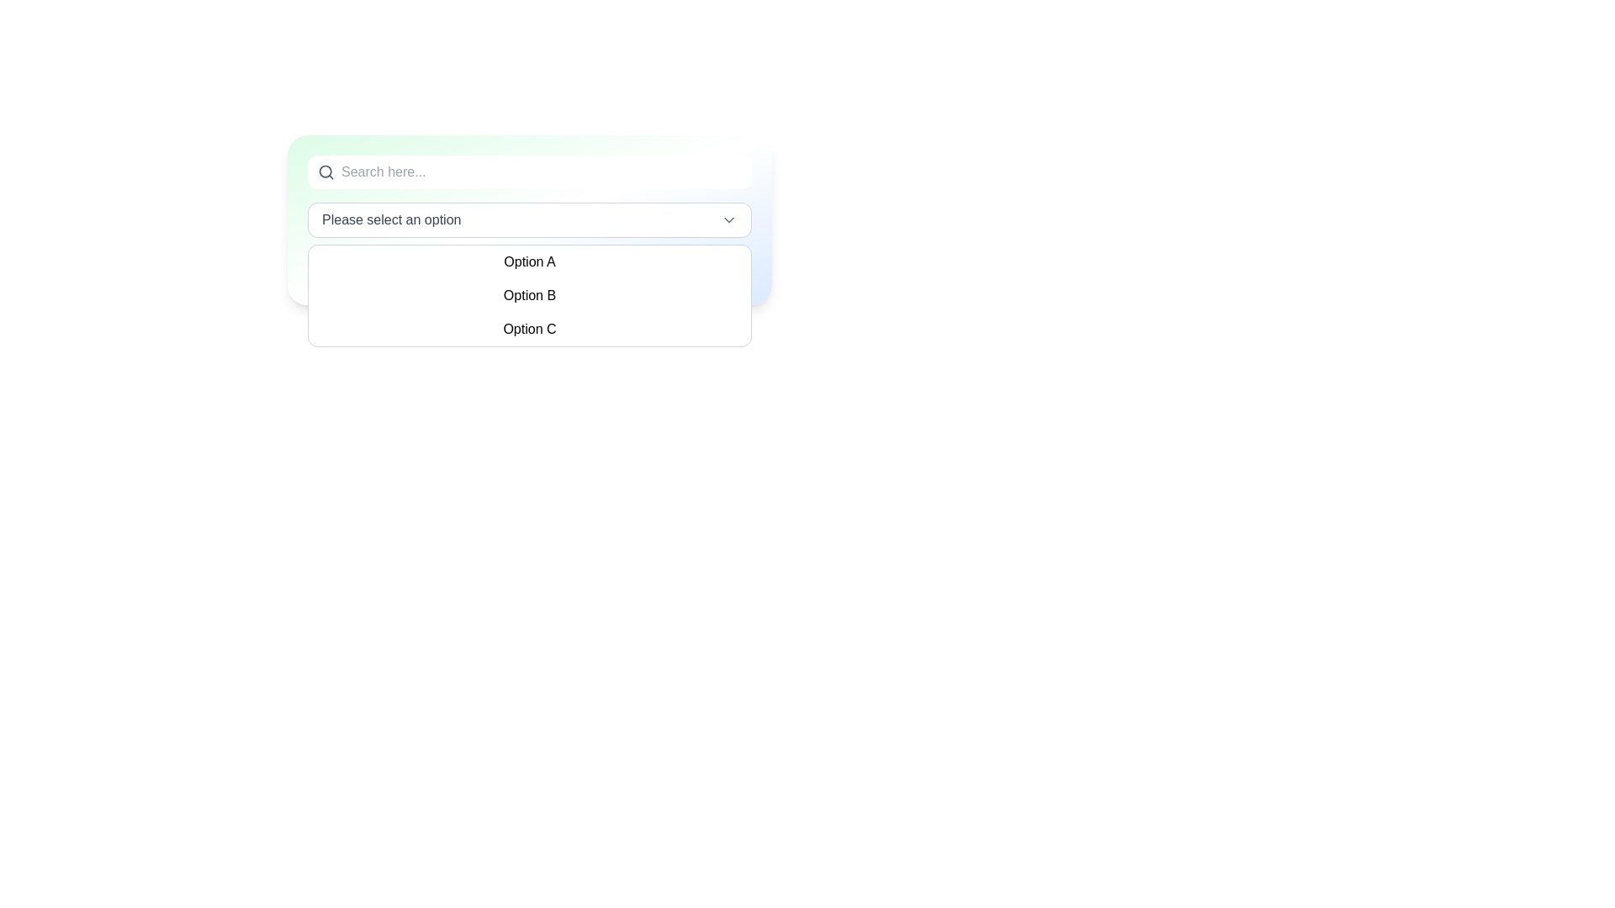  What do you see at coordinates (528, 219) in the screenshot?
I see `the dropdown menu to make a selection from the available options (Option A, Option B, Option C) below the search bar` at bounding box center [528, 219].